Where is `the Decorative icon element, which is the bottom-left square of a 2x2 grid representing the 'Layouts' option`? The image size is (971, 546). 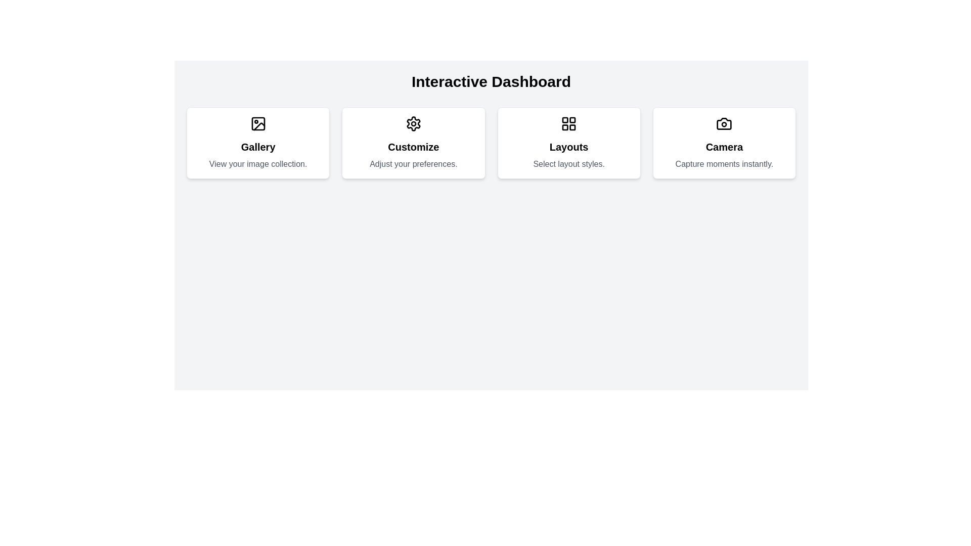
the Decorative icon element, which is the bottom-left square of a 2x2 grid representing the 'Layouts' option is located at coordinates (564, 127).